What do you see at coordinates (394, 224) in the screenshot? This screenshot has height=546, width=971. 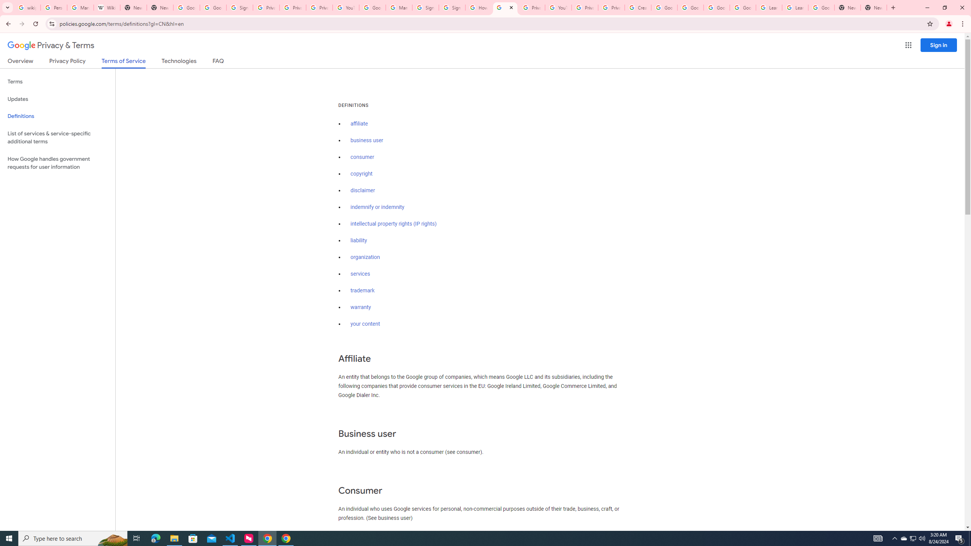 I see `'intellectual property rights (IP rights)'` at bounding box center [394, 224].